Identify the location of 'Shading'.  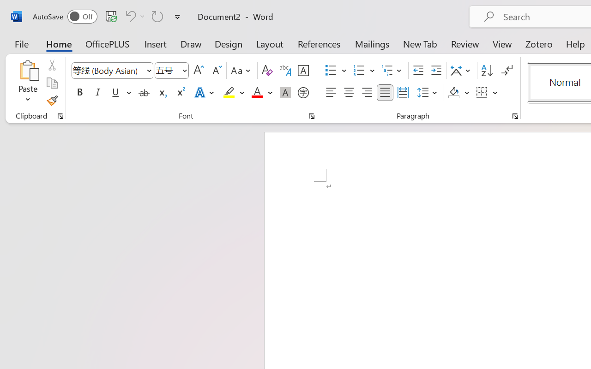
(458, 93).